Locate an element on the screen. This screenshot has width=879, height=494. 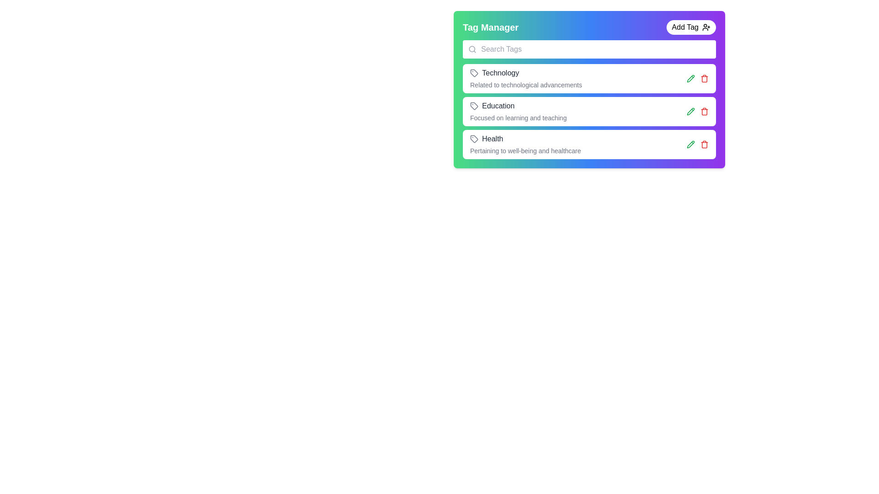
the gray tag-shaped icon located in the 'Health' tag item in the third row of the list under the 'Tag Manager' section, positioned to the left of the text 'Health.' is located at coordinates (474, 139).